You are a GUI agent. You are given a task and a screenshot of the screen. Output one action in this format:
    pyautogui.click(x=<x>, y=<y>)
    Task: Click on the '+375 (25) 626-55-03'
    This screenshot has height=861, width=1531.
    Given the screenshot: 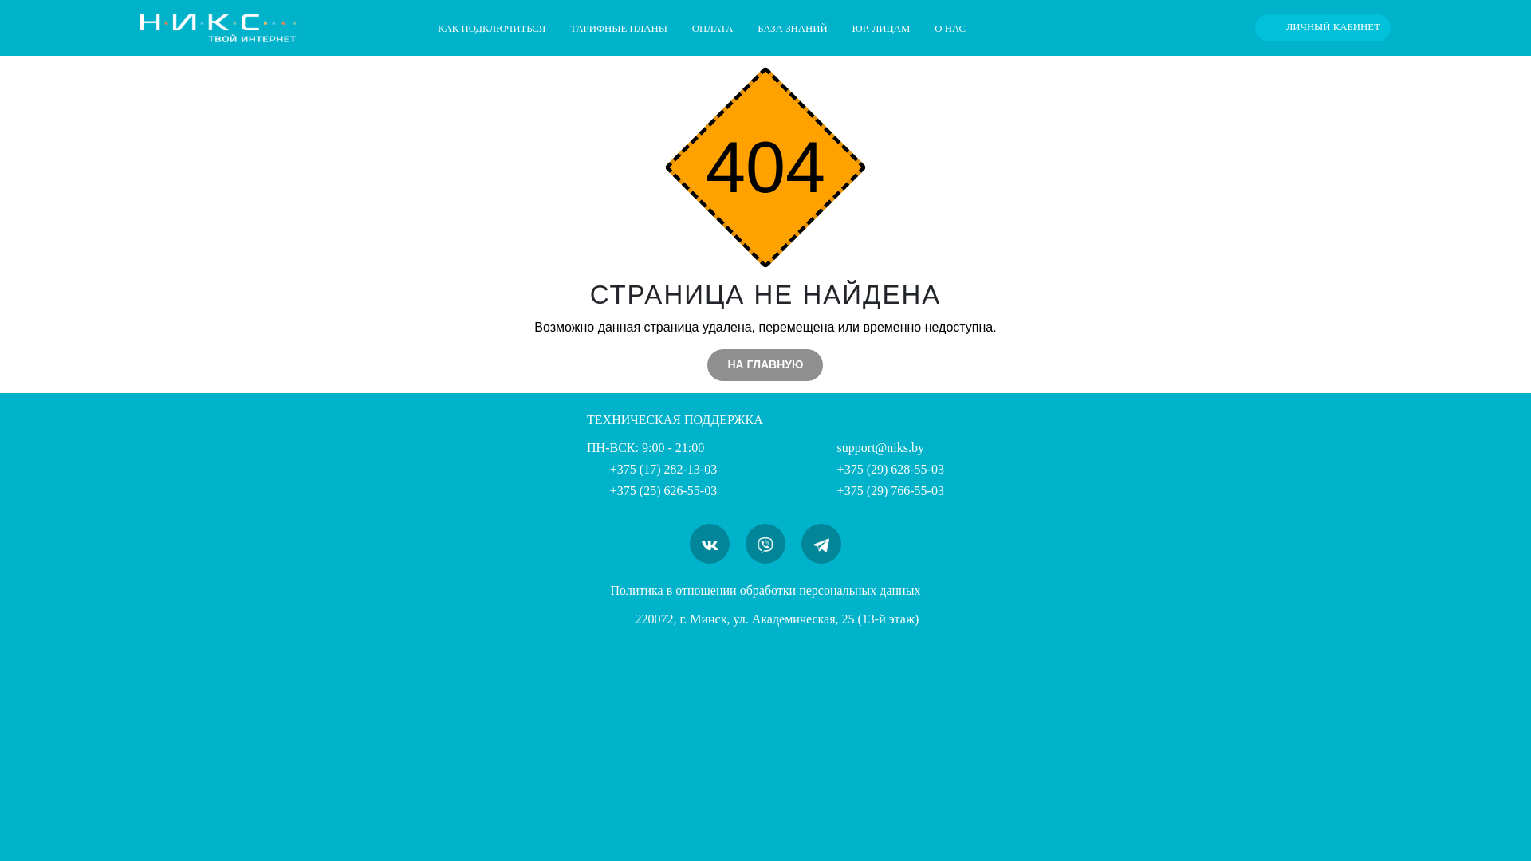 What is the action you would take?
    pyautogui.click(x=585, y=489)
    